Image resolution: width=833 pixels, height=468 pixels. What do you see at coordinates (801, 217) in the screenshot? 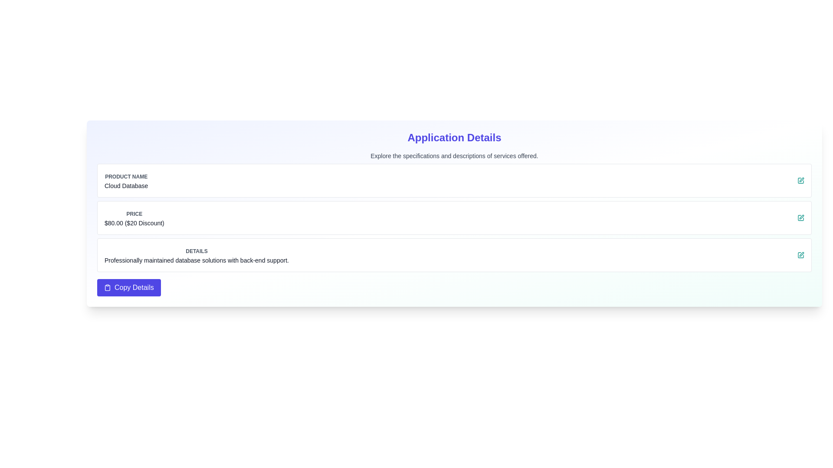
I see `the pen or pencil icon button located in the third row of the form interface, aligned to the rightmost side of the row` at bounding box center [801, 217].